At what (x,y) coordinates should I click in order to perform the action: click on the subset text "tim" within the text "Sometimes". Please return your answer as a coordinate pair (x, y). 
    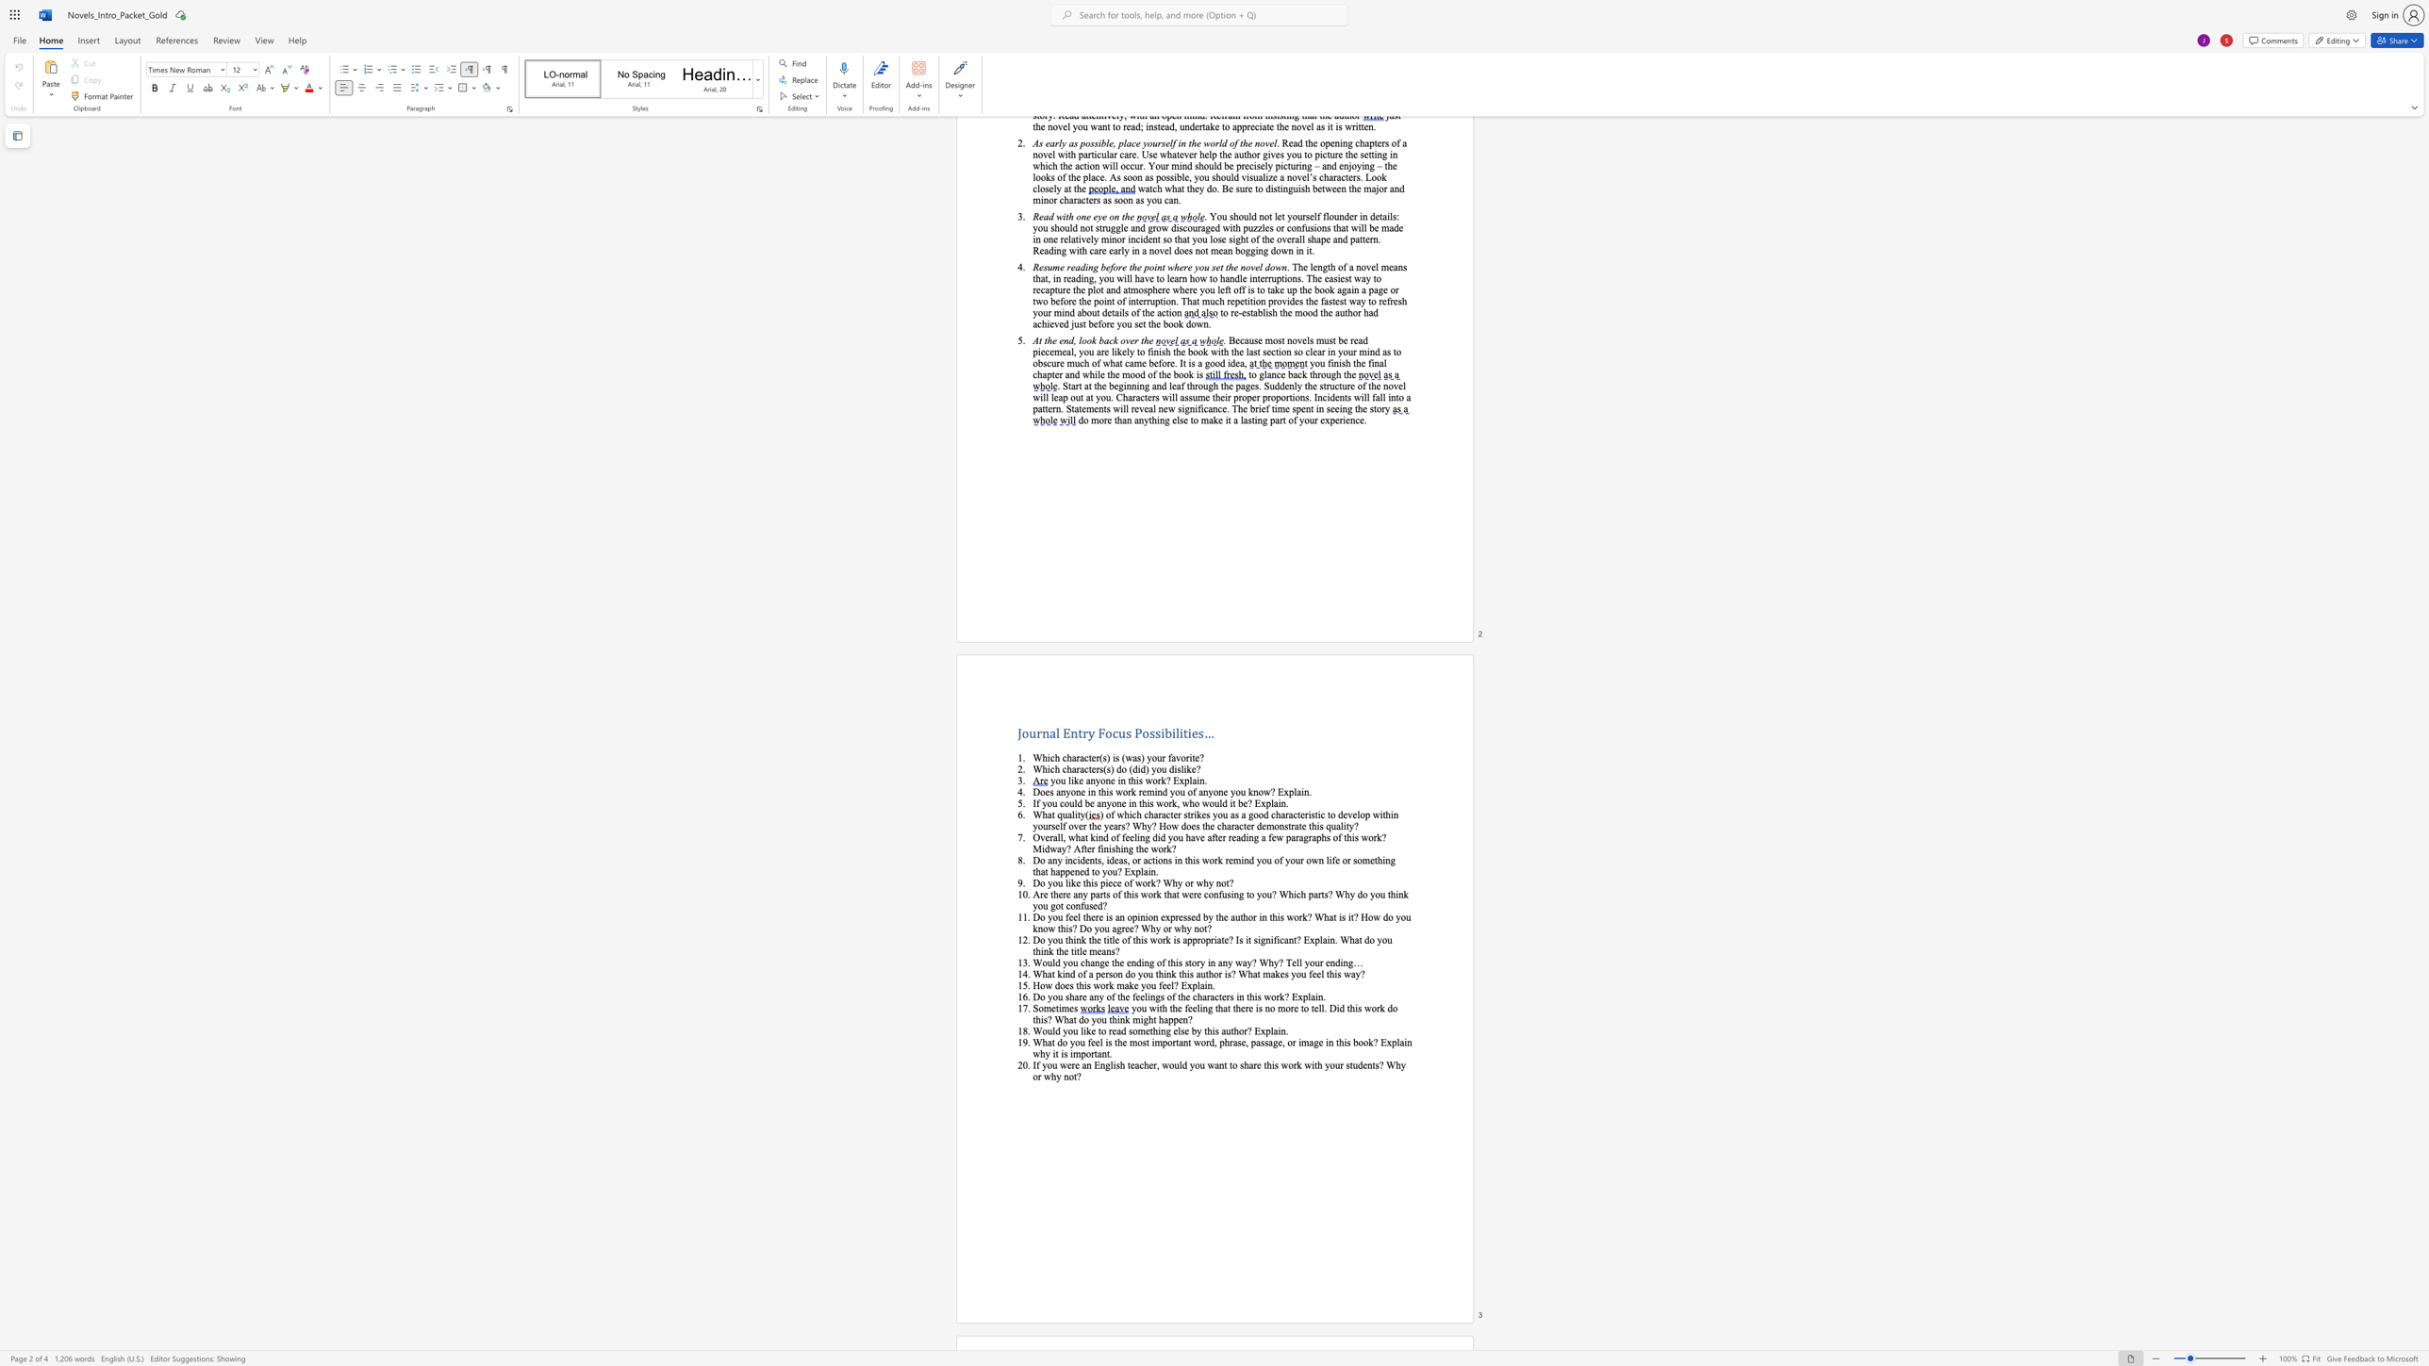
    Looking at the image, I should click on (1055, 1008).